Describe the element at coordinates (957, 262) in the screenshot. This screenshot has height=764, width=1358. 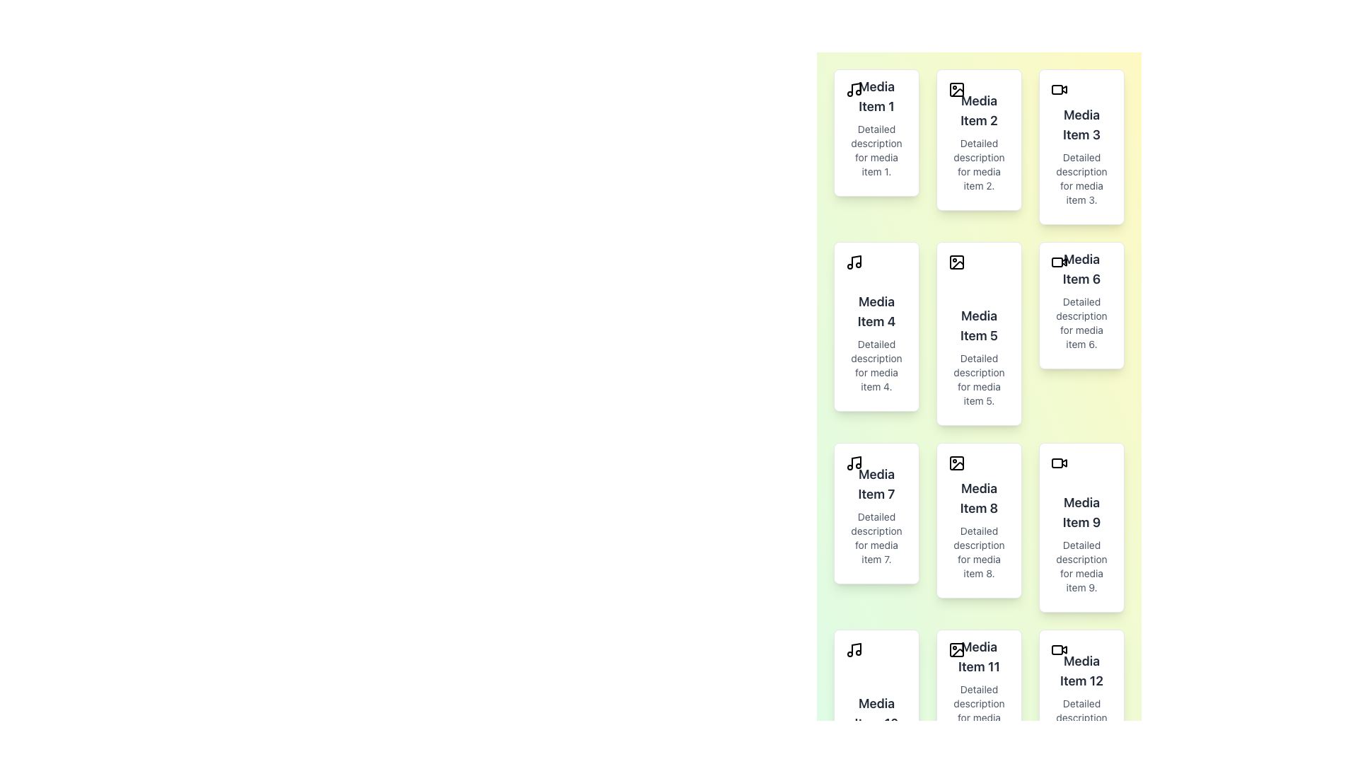
I see `the indicative icon located at the top-left corner of the card representing 'Media Item 5', adjacent to the title and description area` at that location.